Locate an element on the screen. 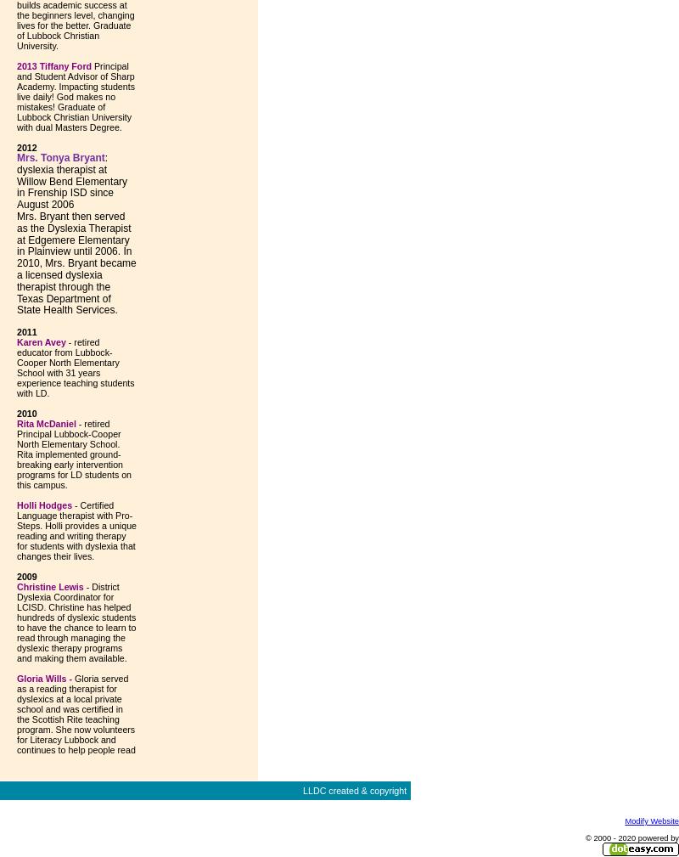 This screenshot has width=679, height=857. '- Certified Language therapist with Pro-Steps. Holli provides a unique reading and writing therapy for students with dyslexia that changes their lives.' is located at coordinates (76, 530).